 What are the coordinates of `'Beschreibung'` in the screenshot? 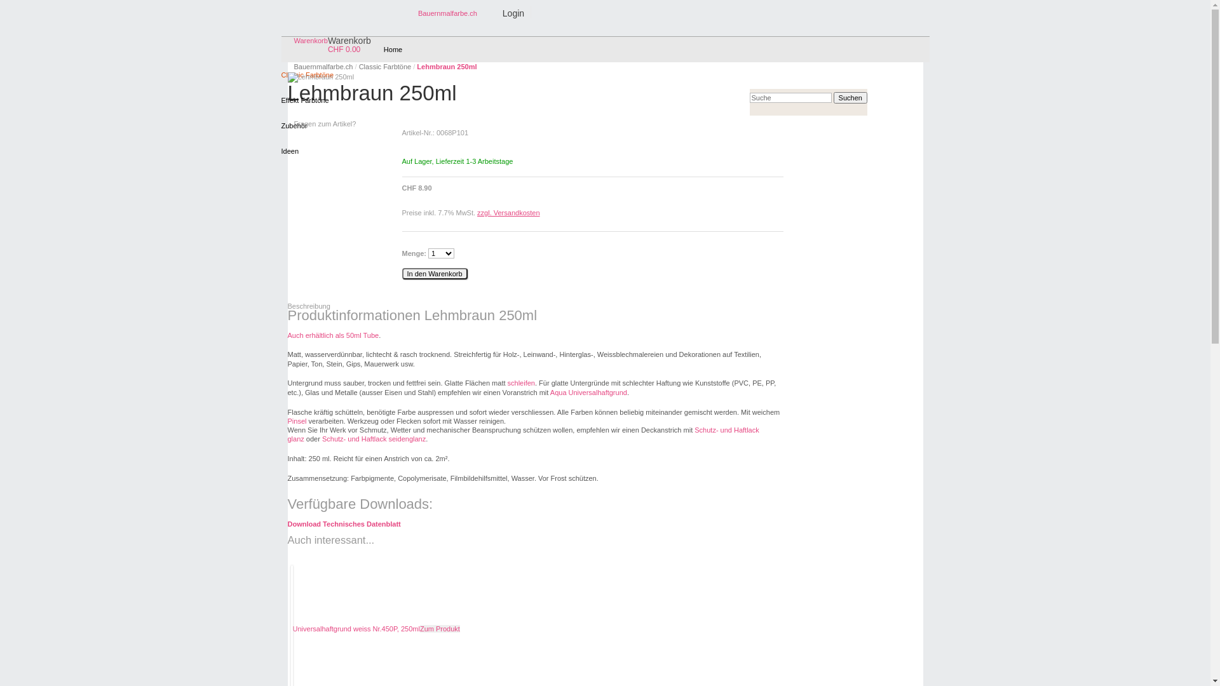 It's located at (308, 306).